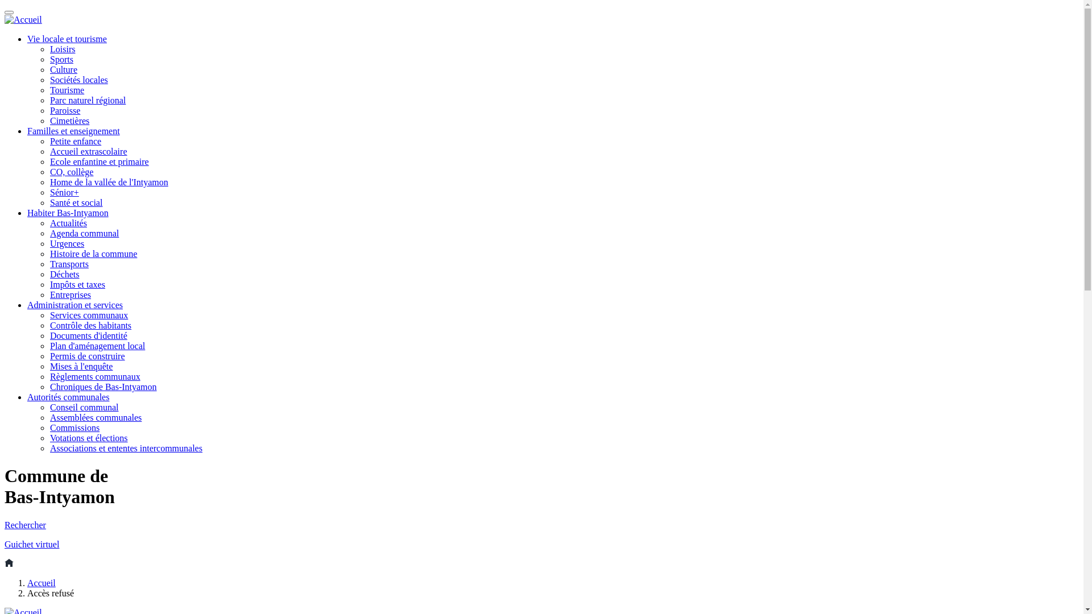  What do you see at coordinates (75, 140) in the screenshot?
I see `'Petite enfance'` at bounding box center [75, 140].